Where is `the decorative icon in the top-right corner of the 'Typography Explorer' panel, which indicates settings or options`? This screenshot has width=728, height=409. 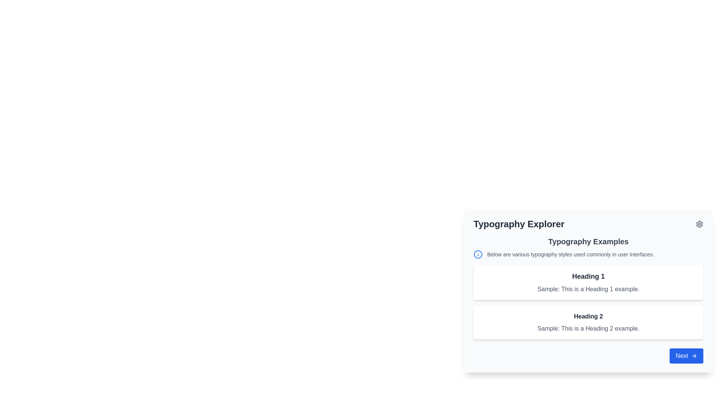
the decorative icon in the top-right corner of the 'Typography Explorer' panel, which indicates settings or options is located at coordinates (699, 223).